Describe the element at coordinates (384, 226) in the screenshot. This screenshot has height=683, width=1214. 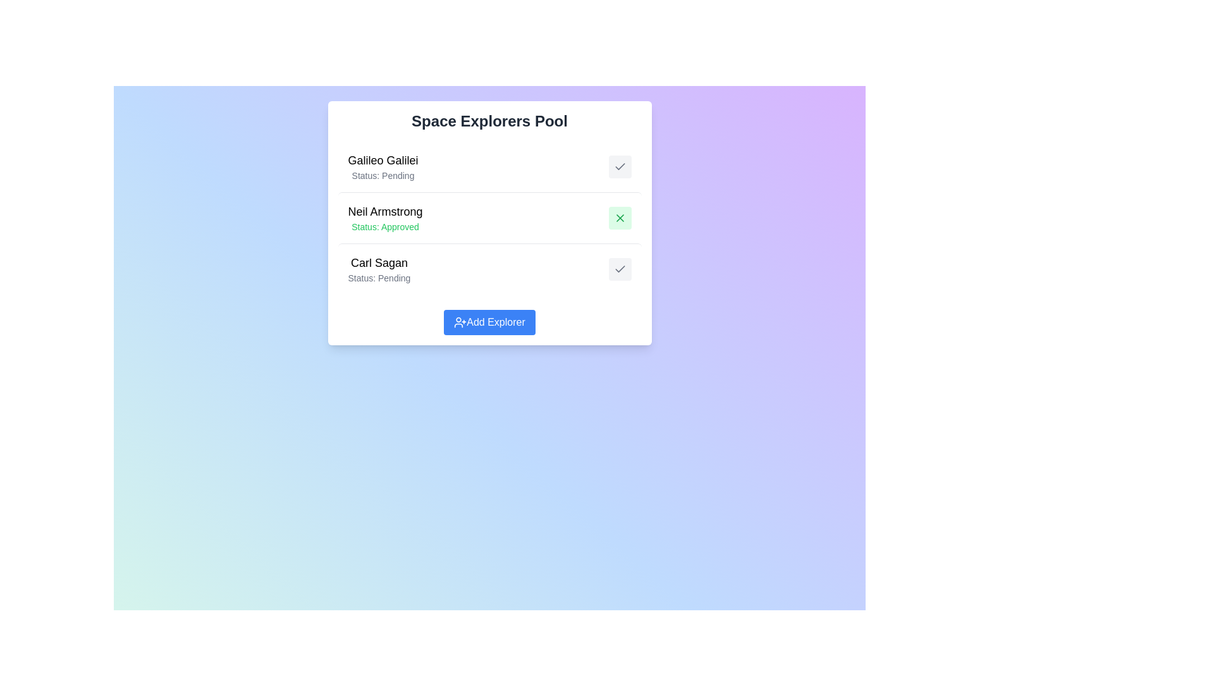
I see `the approval status text label for 'Neil Armstrong', which is positioned immediately below his name in the list entry` at that location.